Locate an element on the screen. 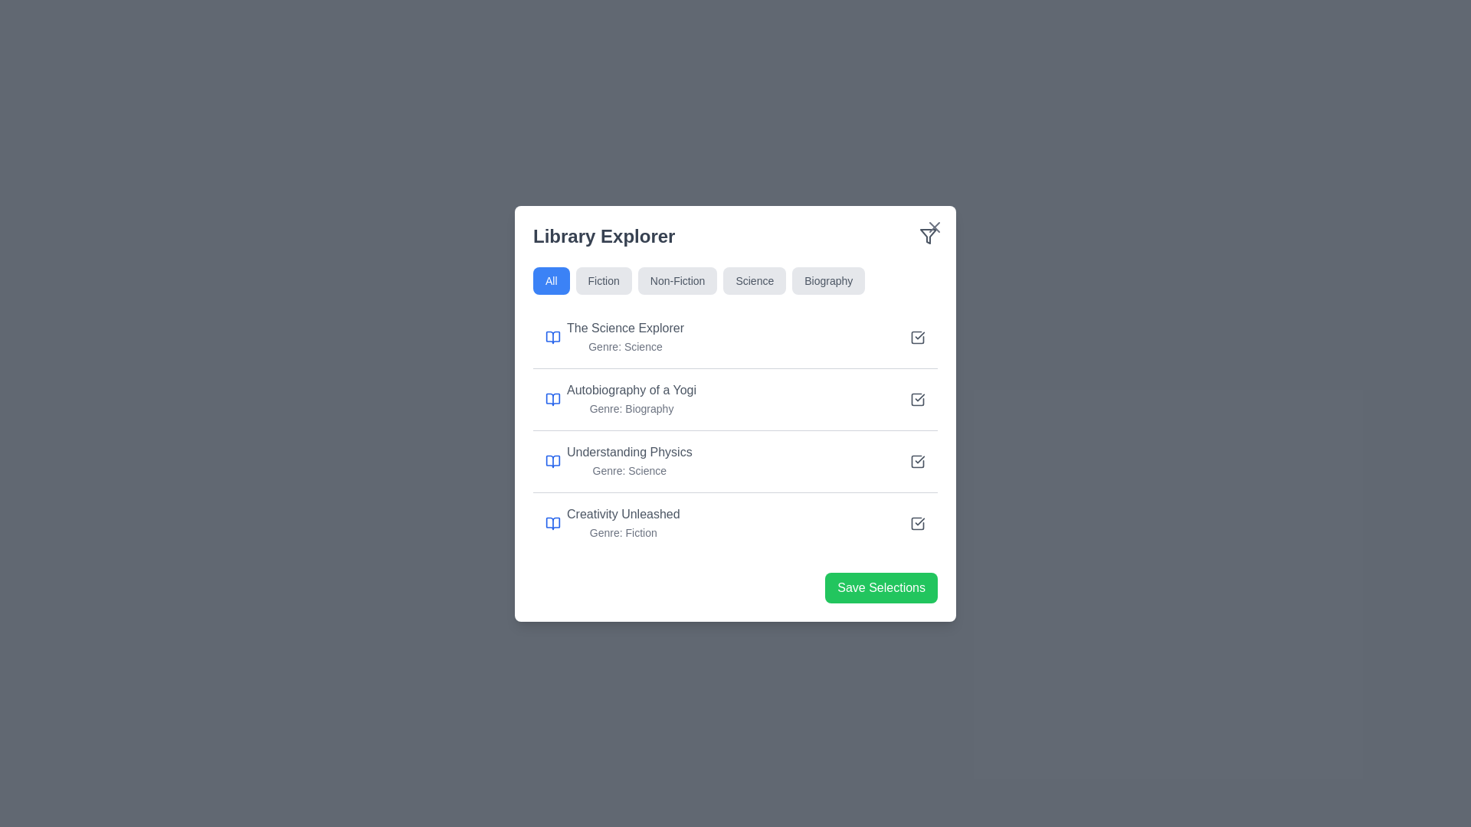  the filter selection button labeled 'All' to adjust the displayed content to include all categories is located at coordinates (551, 280).